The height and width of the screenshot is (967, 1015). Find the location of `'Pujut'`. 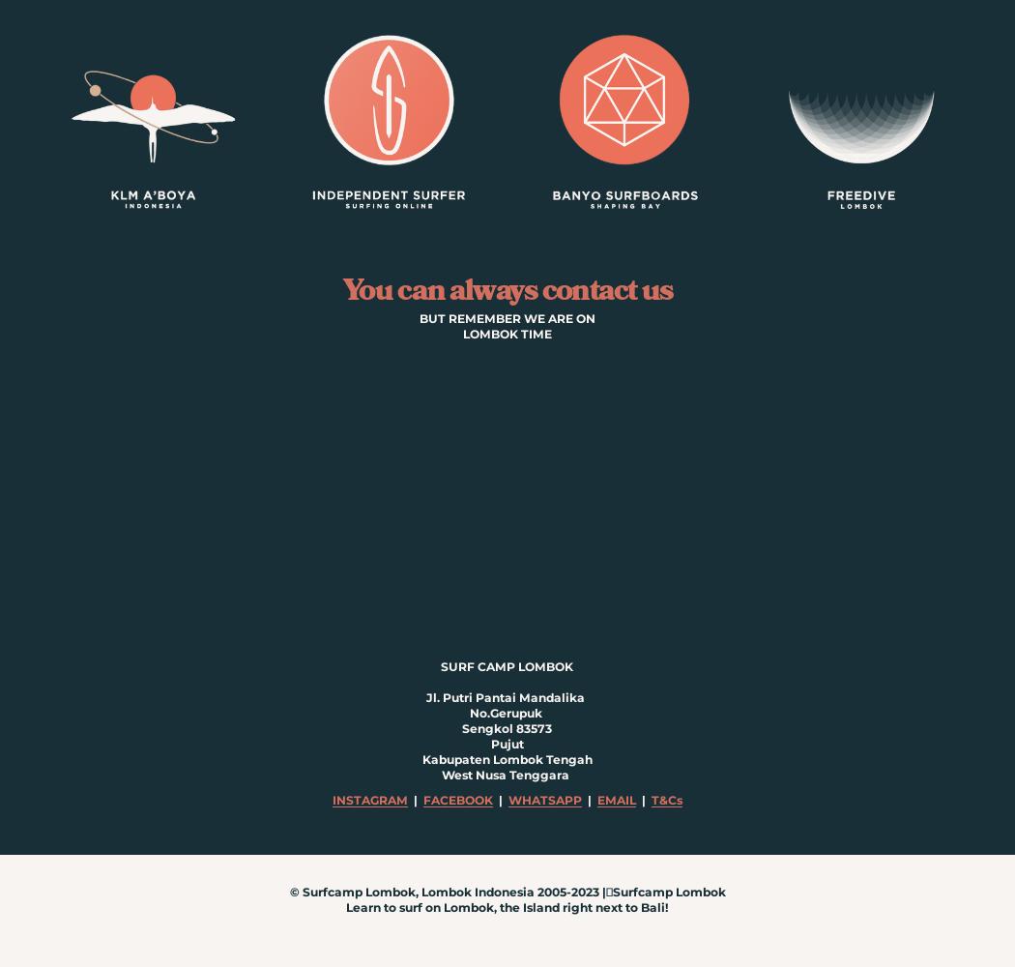

'Pujut' is located at coordinates (505, 743).